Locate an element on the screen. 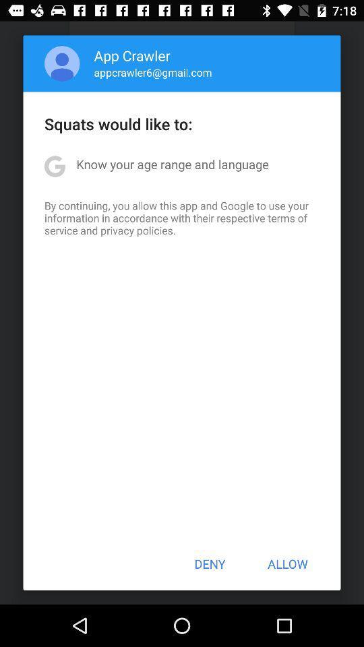 The height and width of the screenshot is (647, 364). item to the left of app crawler is located at coordinates (61, 63).